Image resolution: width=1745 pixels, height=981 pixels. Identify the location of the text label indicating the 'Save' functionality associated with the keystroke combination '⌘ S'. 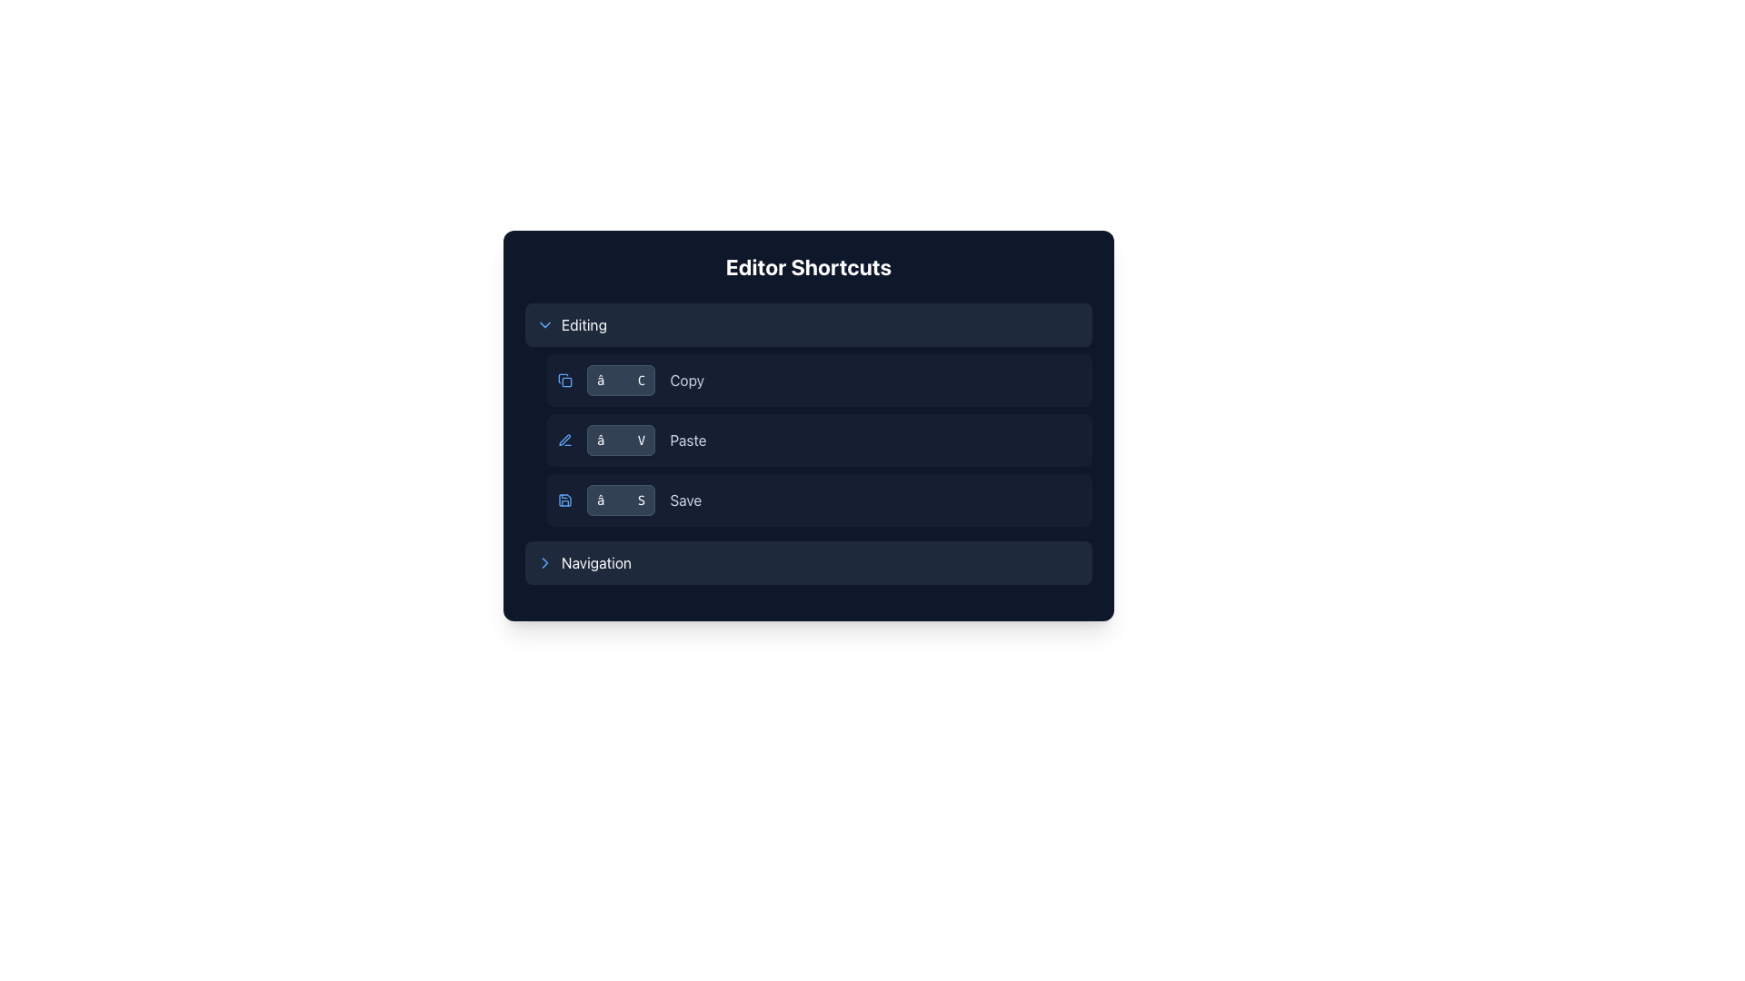
(684, 500).